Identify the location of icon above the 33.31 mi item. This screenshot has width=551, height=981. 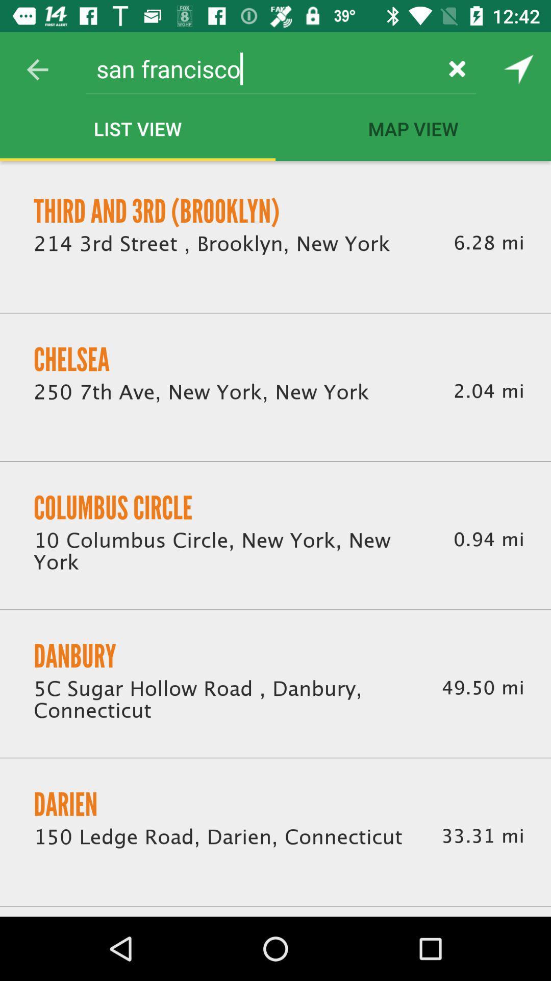
(482, 688).